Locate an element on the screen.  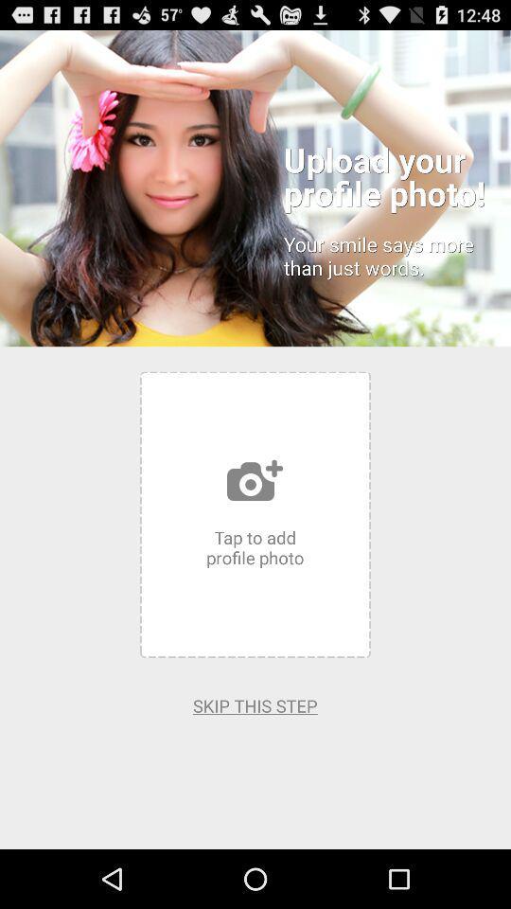
the skip this step is located at coordinates (255, 704).